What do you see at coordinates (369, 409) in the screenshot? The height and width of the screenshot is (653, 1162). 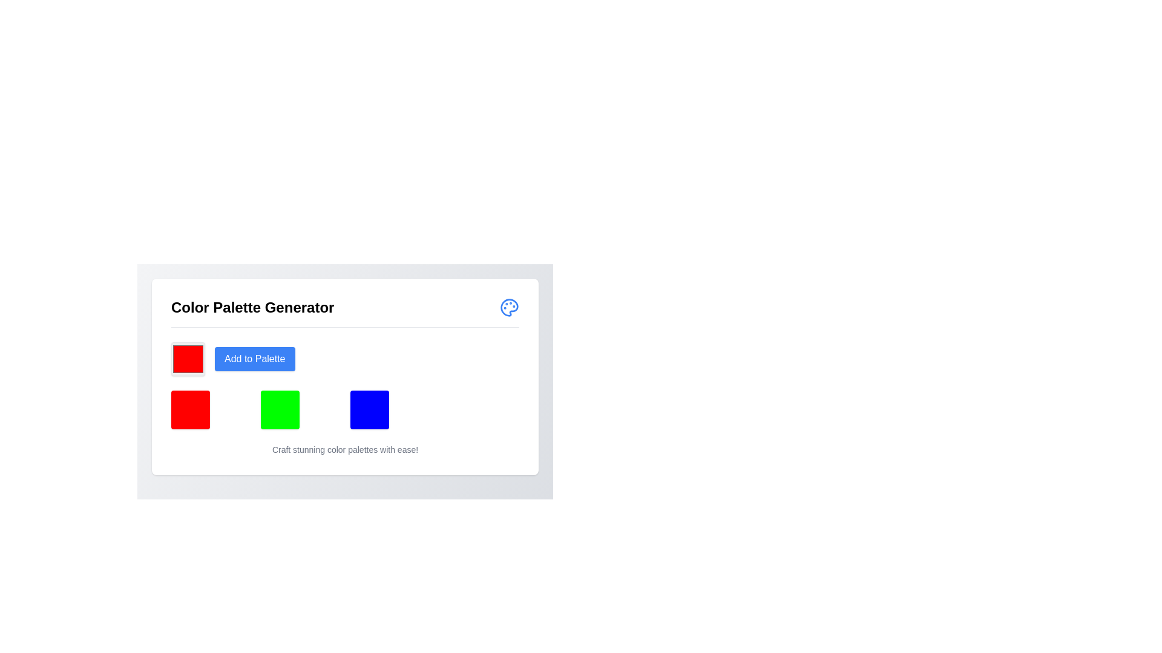 I see `the blue square color block with rounded edges and shadow effect` at bounding box center [369, 409].